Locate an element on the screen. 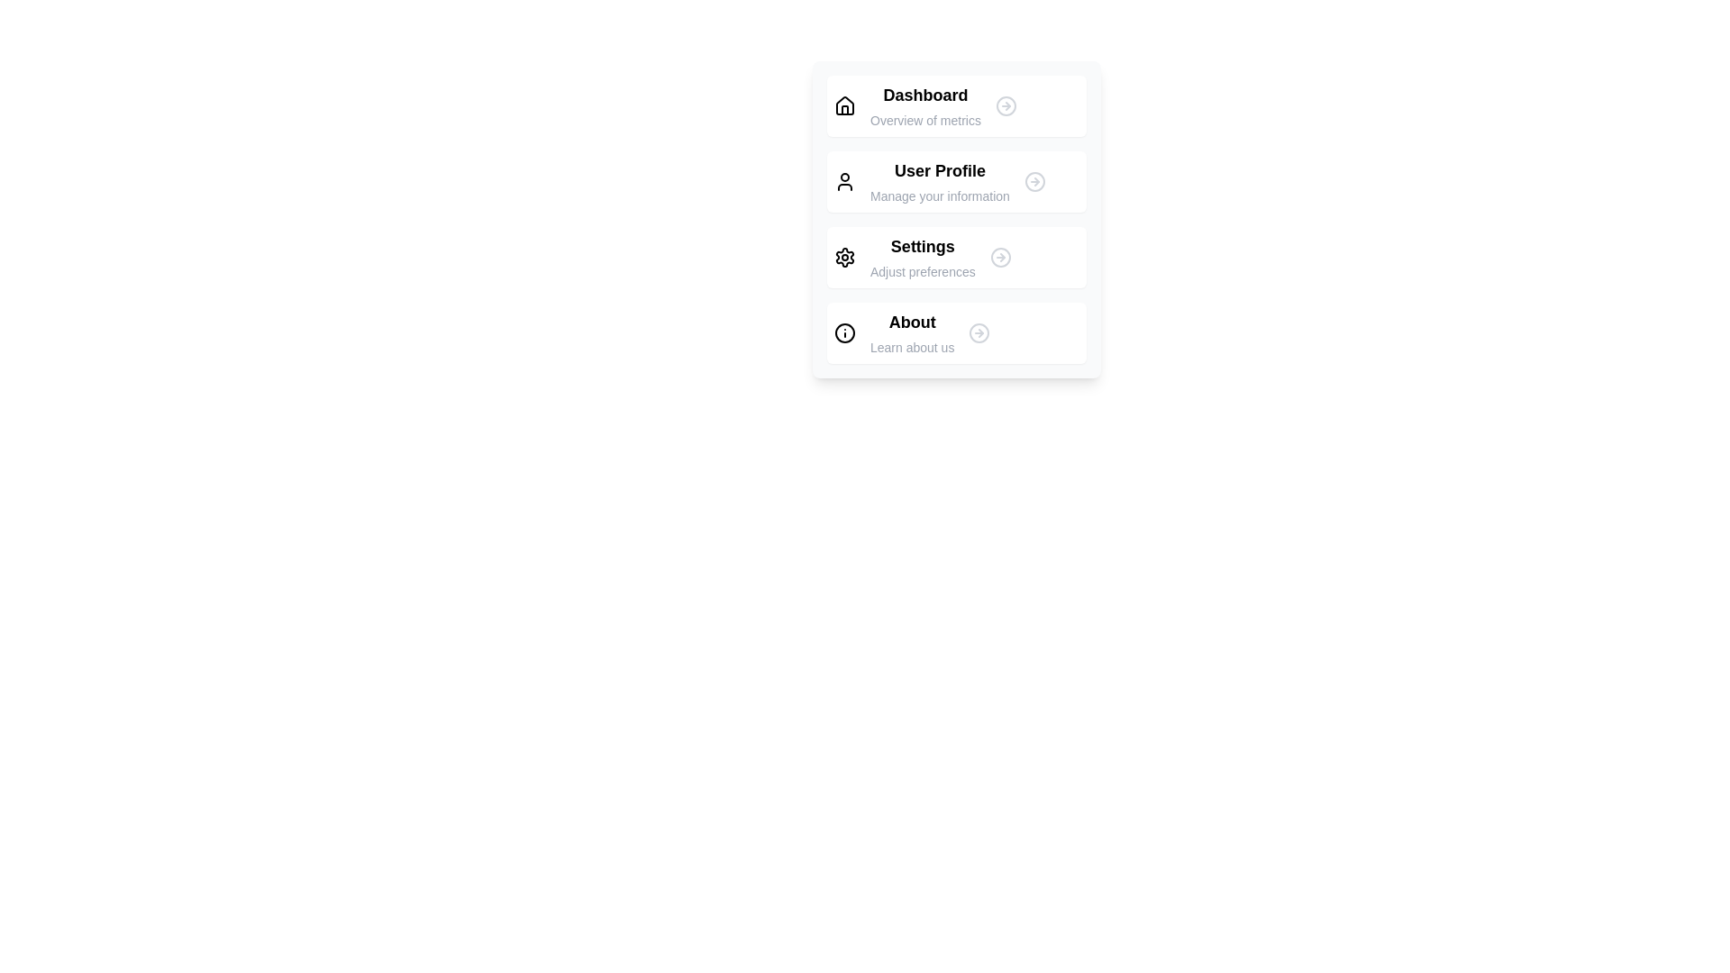 The image size is (1730, 973). the gear-like icon with a black outline in the settings menu is located at coordinates (843, 257).